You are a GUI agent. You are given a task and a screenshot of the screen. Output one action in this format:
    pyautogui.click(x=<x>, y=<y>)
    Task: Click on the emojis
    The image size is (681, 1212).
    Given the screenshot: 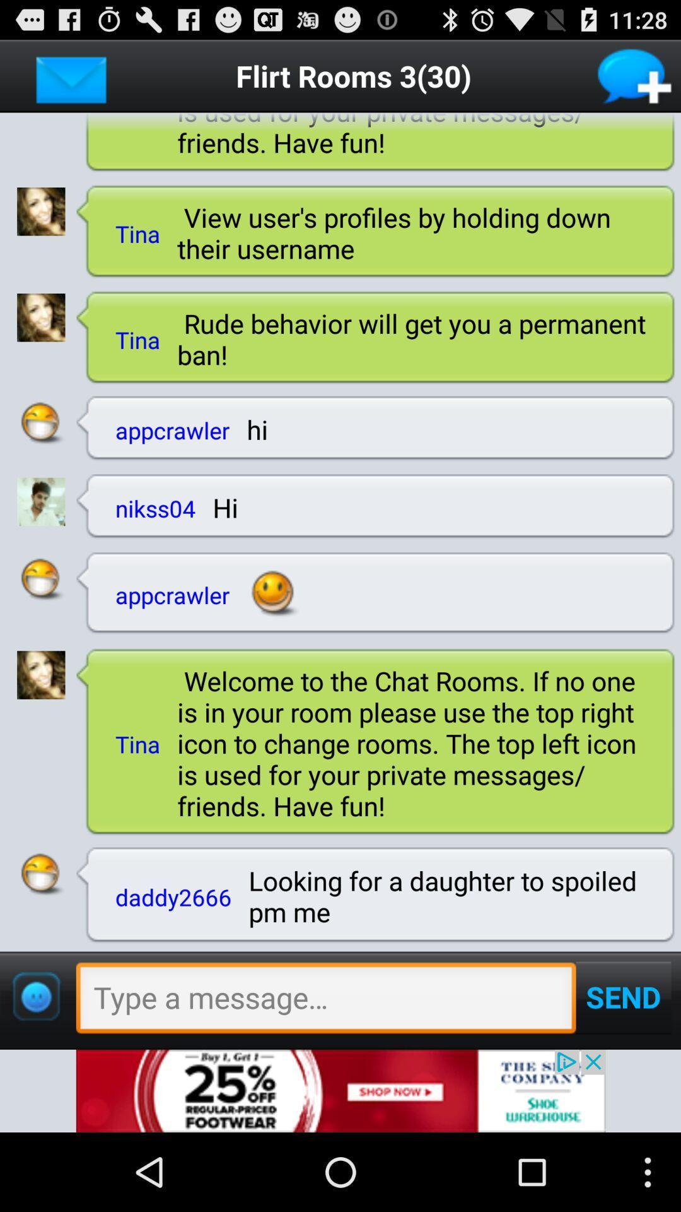 What is the action you would take?
    pyautogui.click(x=35, y=996)
    